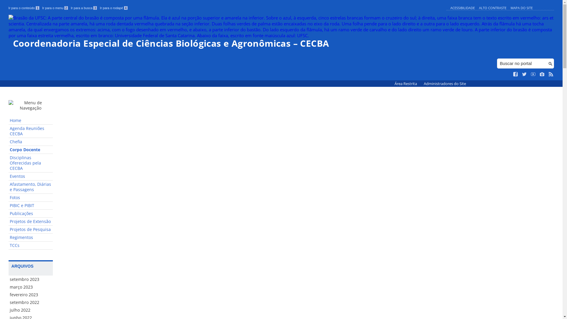  I want to click on 'Chefia', so click(30, 142).